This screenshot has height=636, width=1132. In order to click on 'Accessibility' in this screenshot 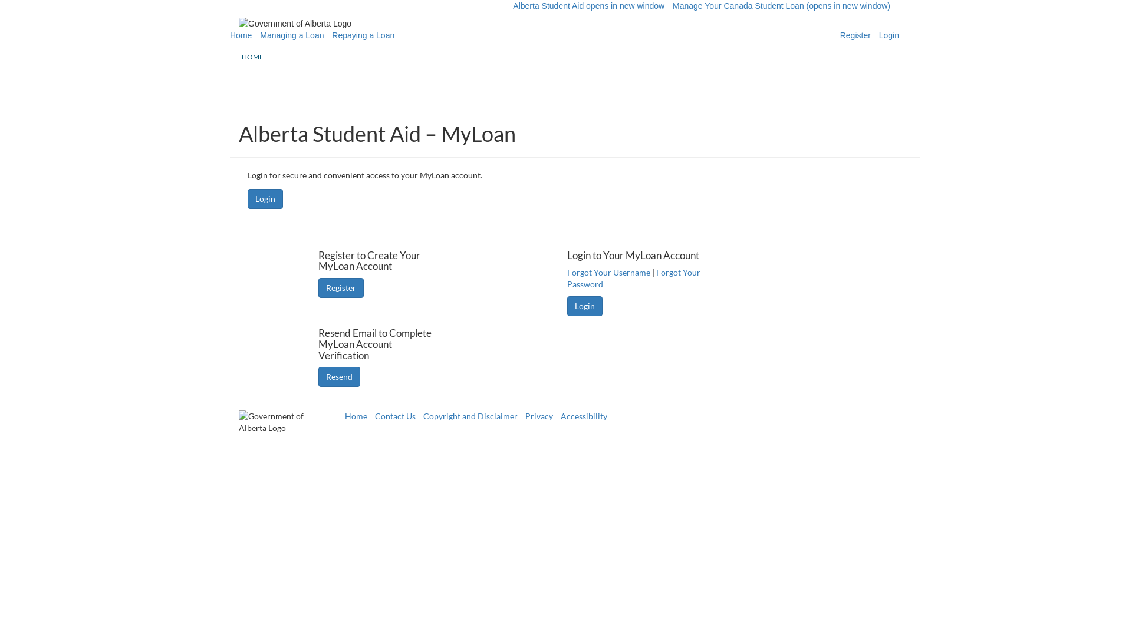, I will do `click(584, 415)`.